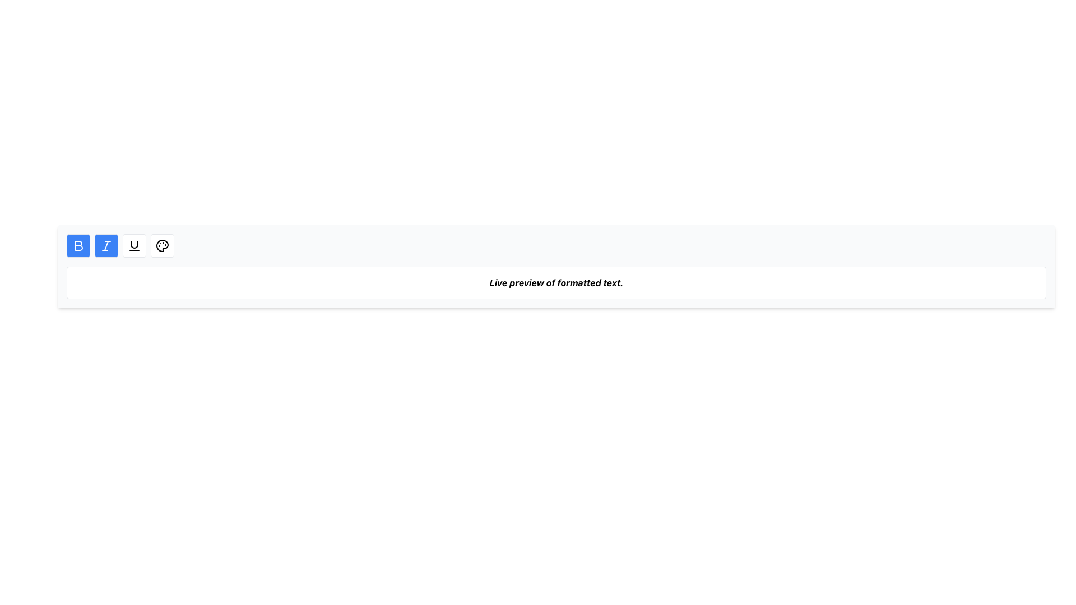  What do you see at coordinates (106, 245) in the screenshot?
I see `the second button from the left in the horizontal row of formatting buttons to apply italic formatting to the selected text` at bounding box center [106, 245].